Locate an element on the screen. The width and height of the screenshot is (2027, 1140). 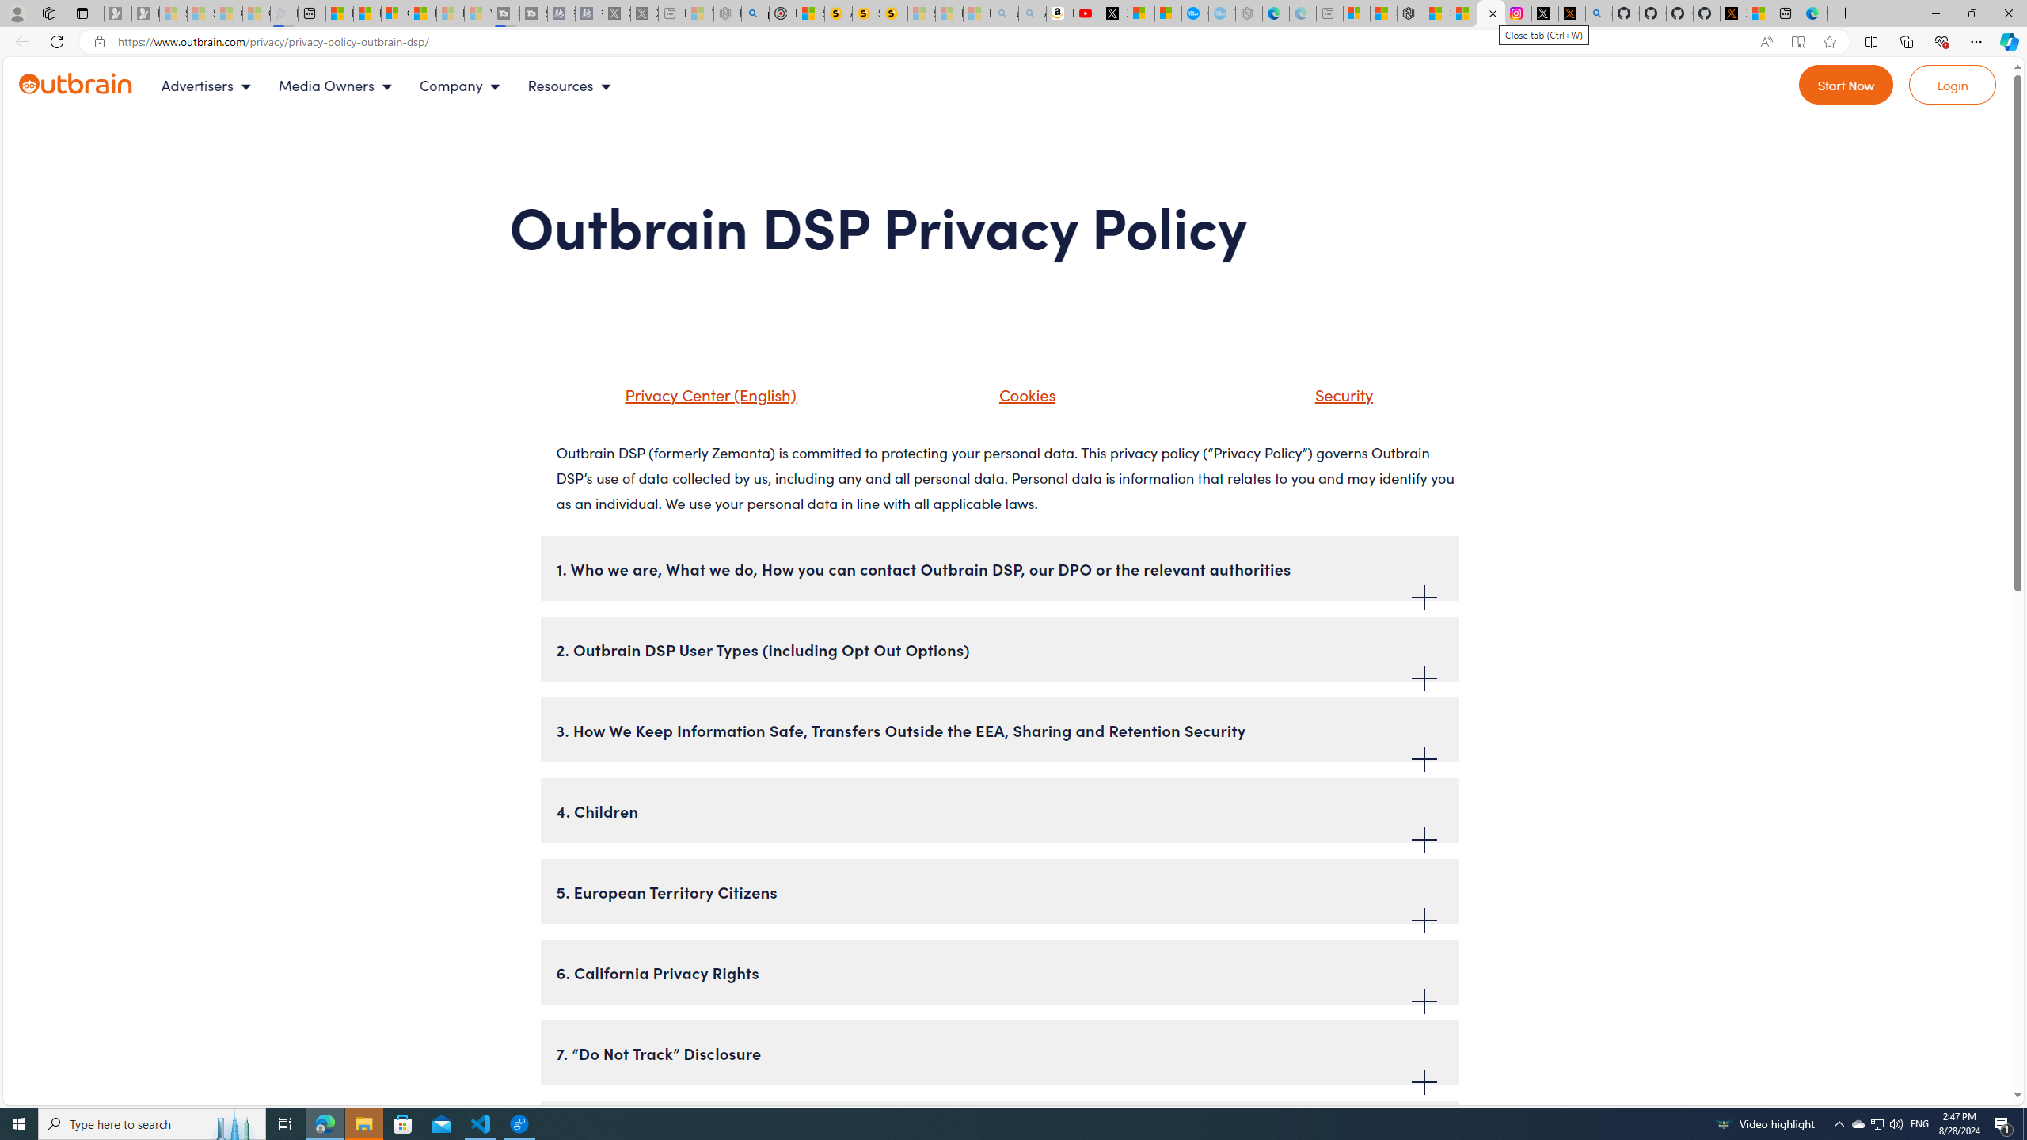
'Welcome to Microsoft Edge' is located at coordinates (1813, 13).